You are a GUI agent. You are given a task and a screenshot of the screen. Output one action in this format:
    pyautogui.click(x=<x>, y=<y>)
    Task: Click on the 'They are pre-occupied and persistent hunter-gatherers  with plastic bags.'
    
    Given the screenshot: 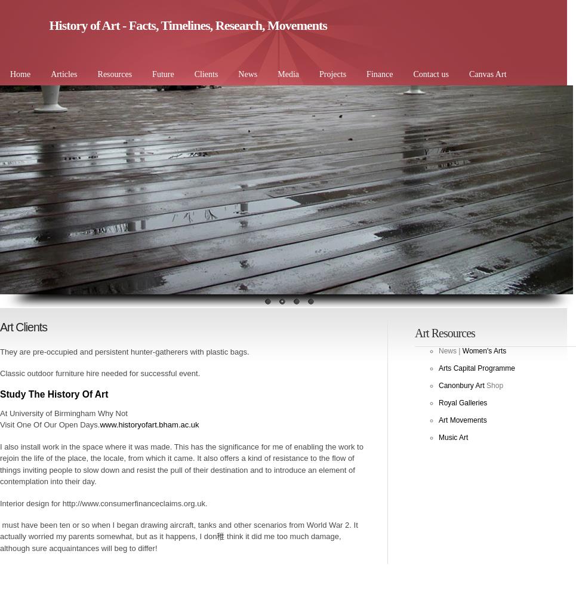 What is the action you would take?
    pyautogui.click(x=0, y=350)
    